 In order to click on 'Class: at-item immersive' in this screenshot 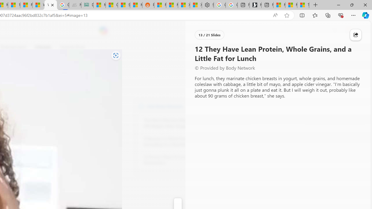, I will do `click(355, 35)`.